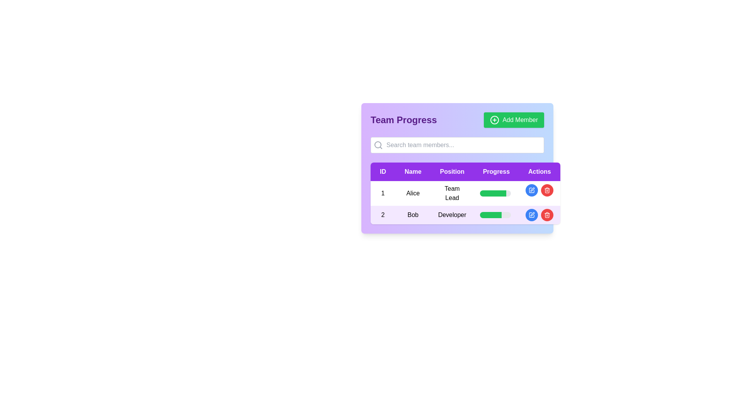 The image size is (742, 417). Describe the element at coordinates (492, 193) in the screenshot. I see `the progress bar representing the task completion for 'Alice' in the 'Team Progress' table, which visually indicates 85% completion` at that location.